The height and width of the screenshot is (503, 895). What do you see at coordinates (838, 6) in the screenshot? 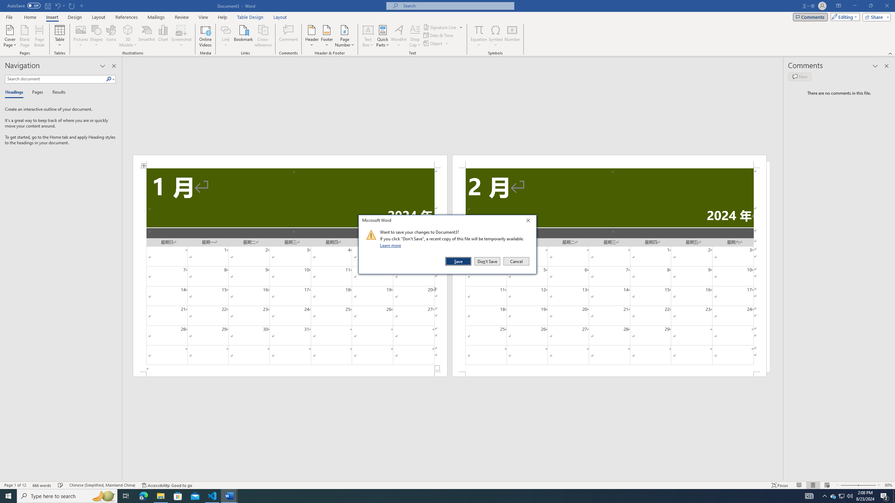
I see `'Ribbon Display Options'` at bounding box center [838, 6].